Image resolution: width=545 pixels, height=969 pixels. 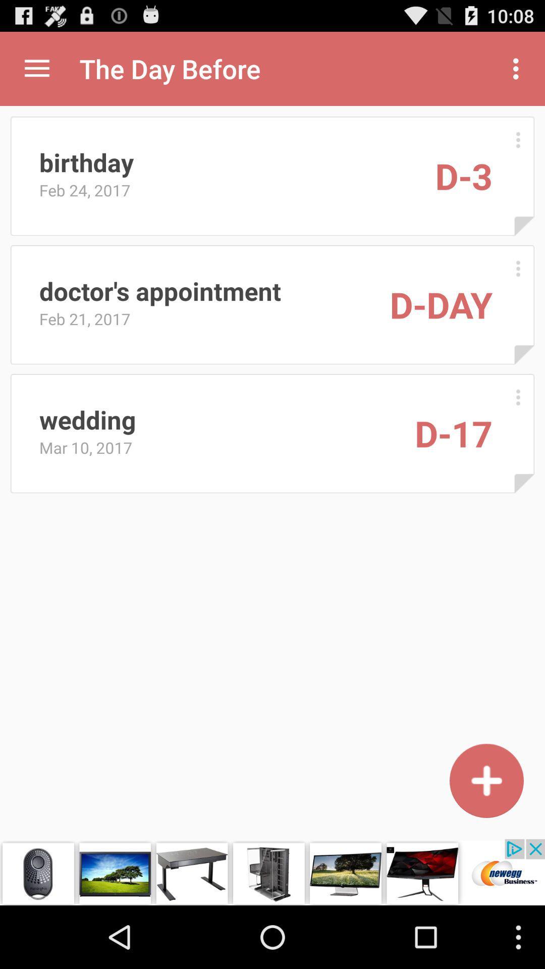 What do you see at coordinates (518, 139) in the screenshot?
I see `expand information` at bounding box center [518, 139].